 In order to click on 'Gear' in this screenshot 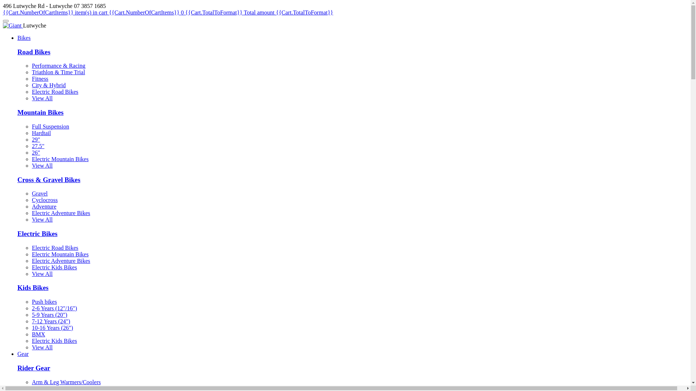, I will do `click(17, 353)`.